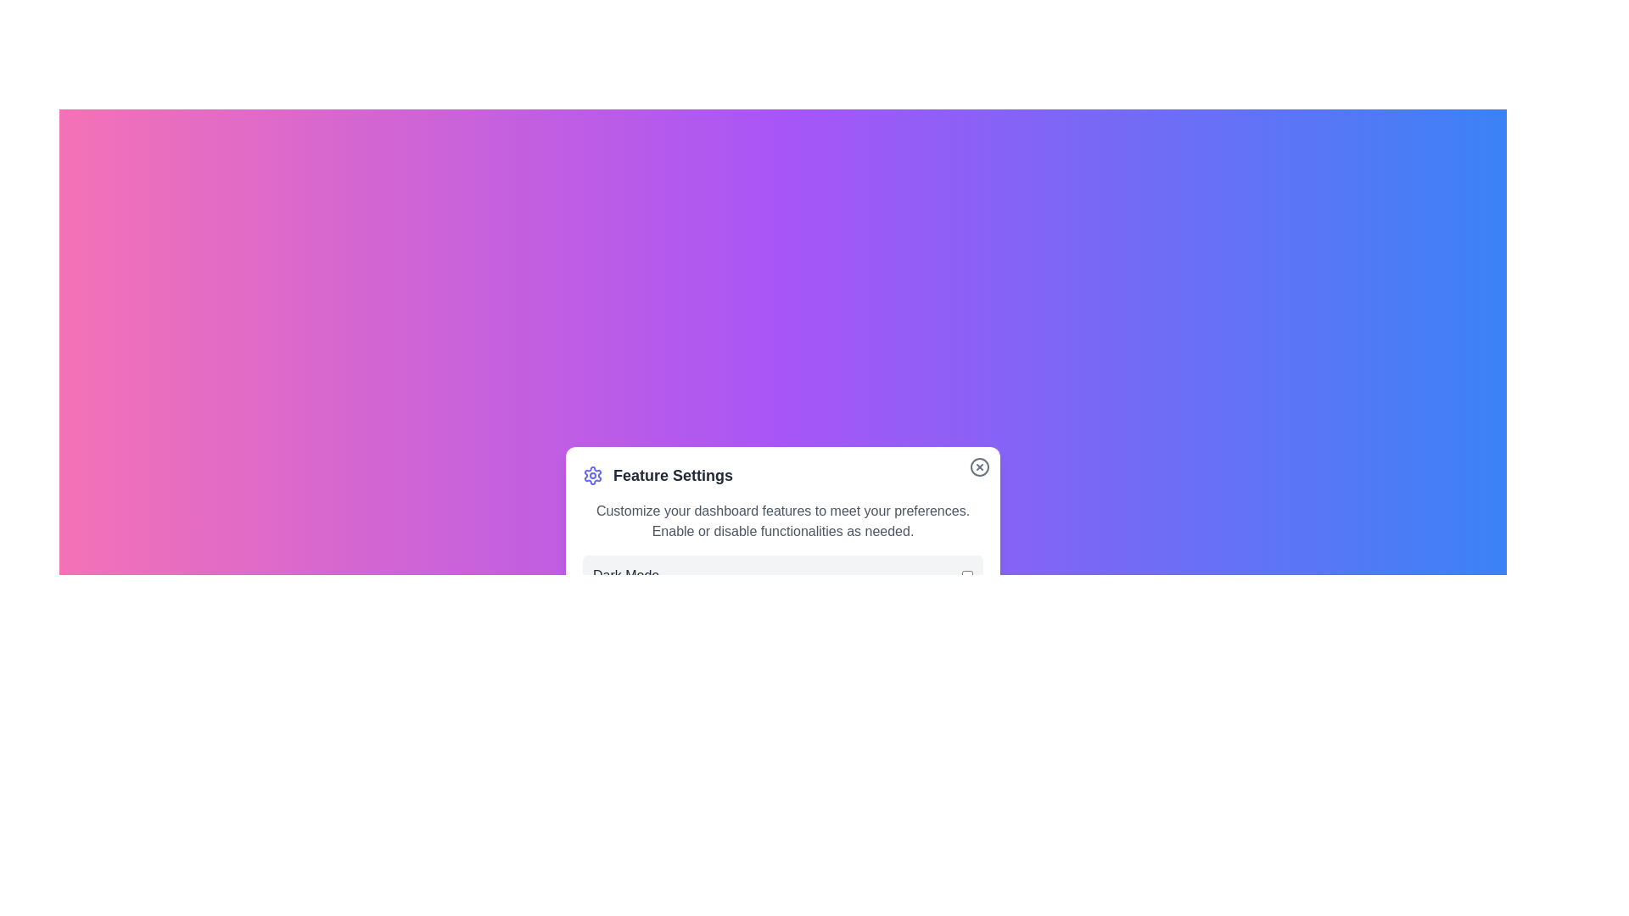  Describe the element at coordinates (672, 475) in the screenshot. I see `text content of the title label indicating 'Feature Settings' located near the top of the modal, positioned to the right of a purple gear-shaped icon` at that location.